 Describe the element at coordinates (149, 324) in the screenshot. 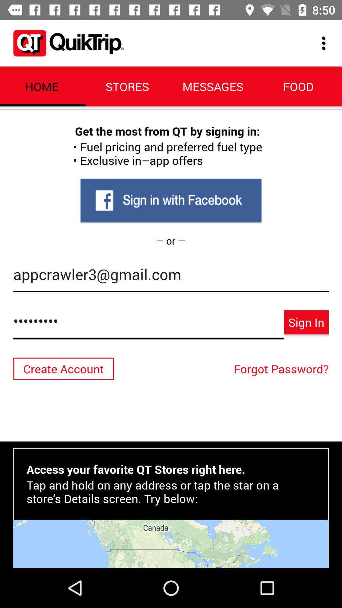

I see `crowd3116 icon` at that location.